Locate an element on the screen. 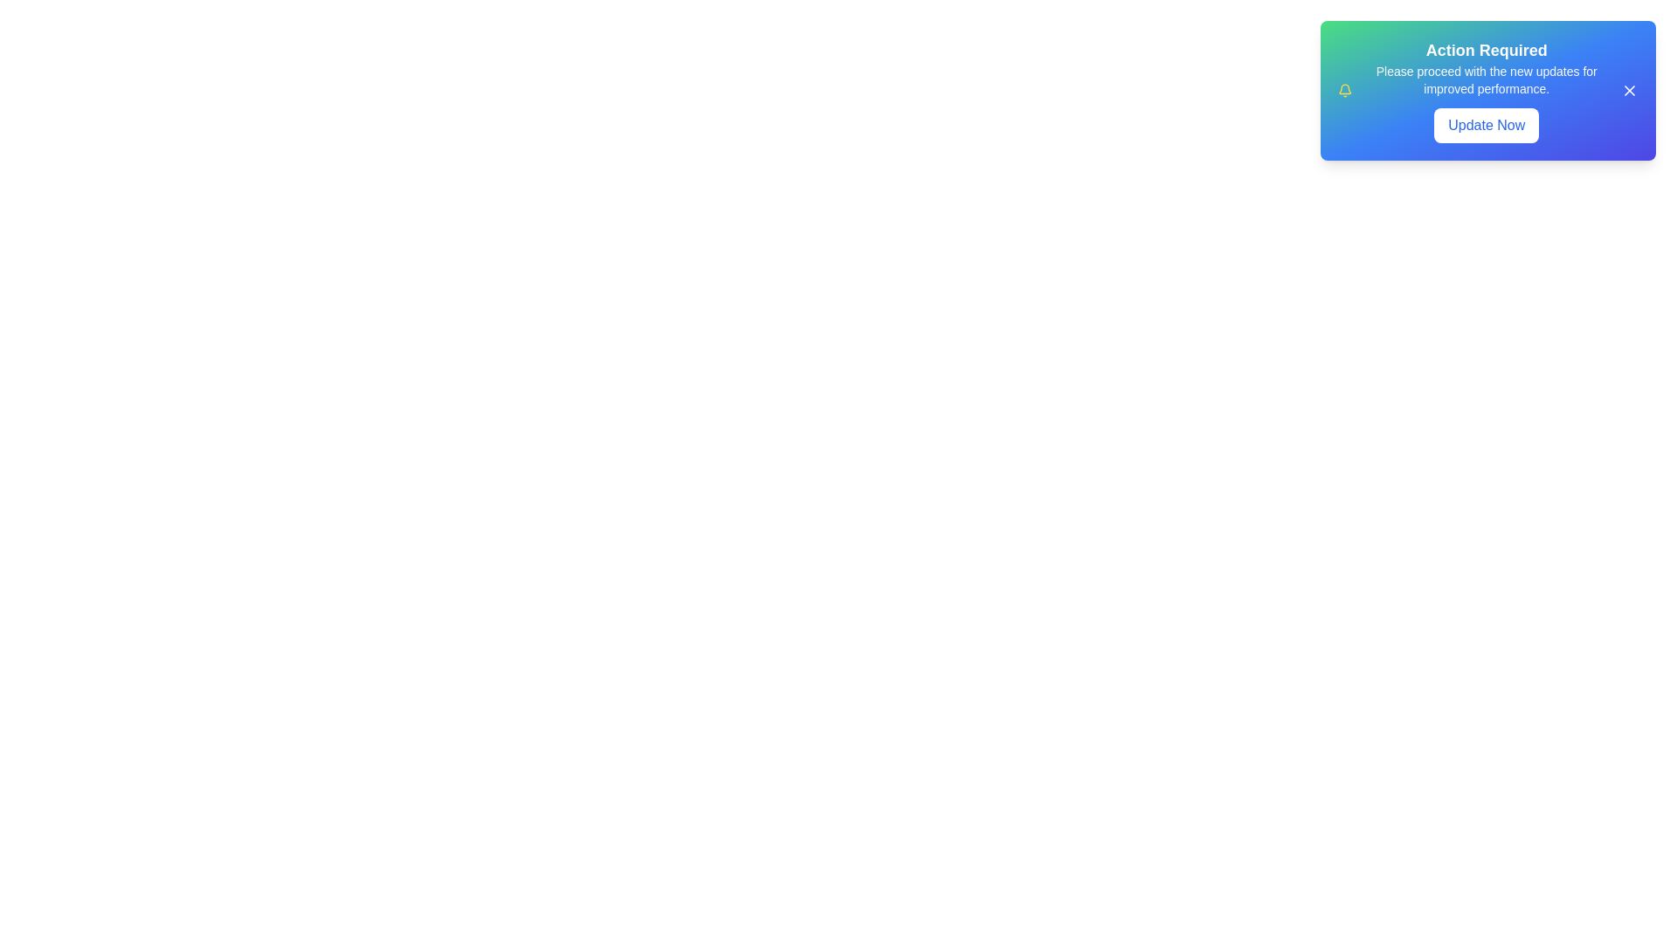 This screenshot has height=943, width=1677. close button (X) to dismiss the snackbar is located at coordinates (1629, 91).